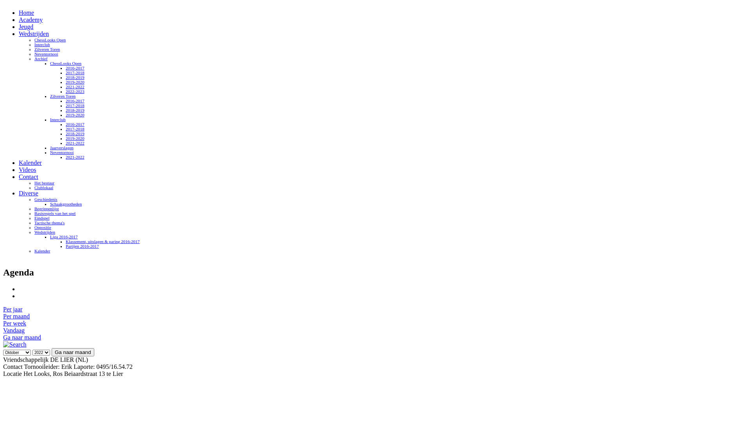 Image resolution: width=751 pixels, height=422 pixels. I want to click on 'Tactische thema's', so click(49, 223).